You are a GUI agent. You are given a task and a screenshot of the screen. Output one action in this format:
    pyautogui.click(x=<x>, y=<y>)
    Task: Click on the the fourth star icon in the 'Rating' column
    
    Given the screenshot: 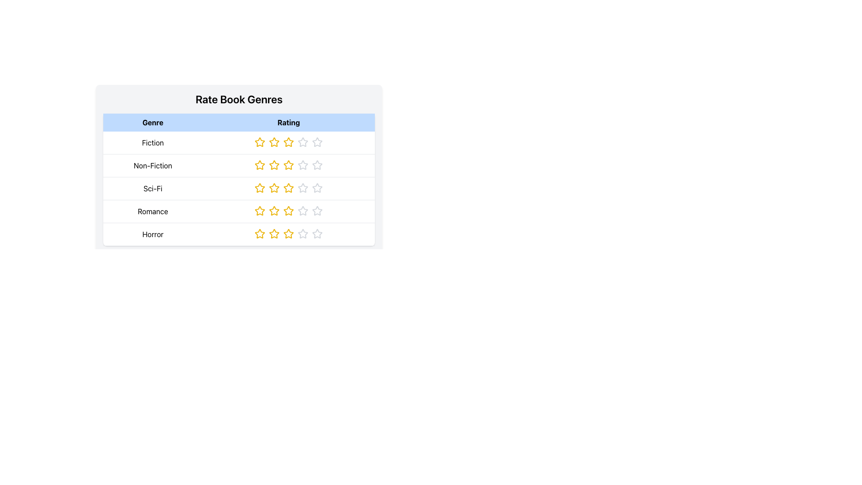 What is the action you would take?
    pyautogui.click(x=317, y=211)
    